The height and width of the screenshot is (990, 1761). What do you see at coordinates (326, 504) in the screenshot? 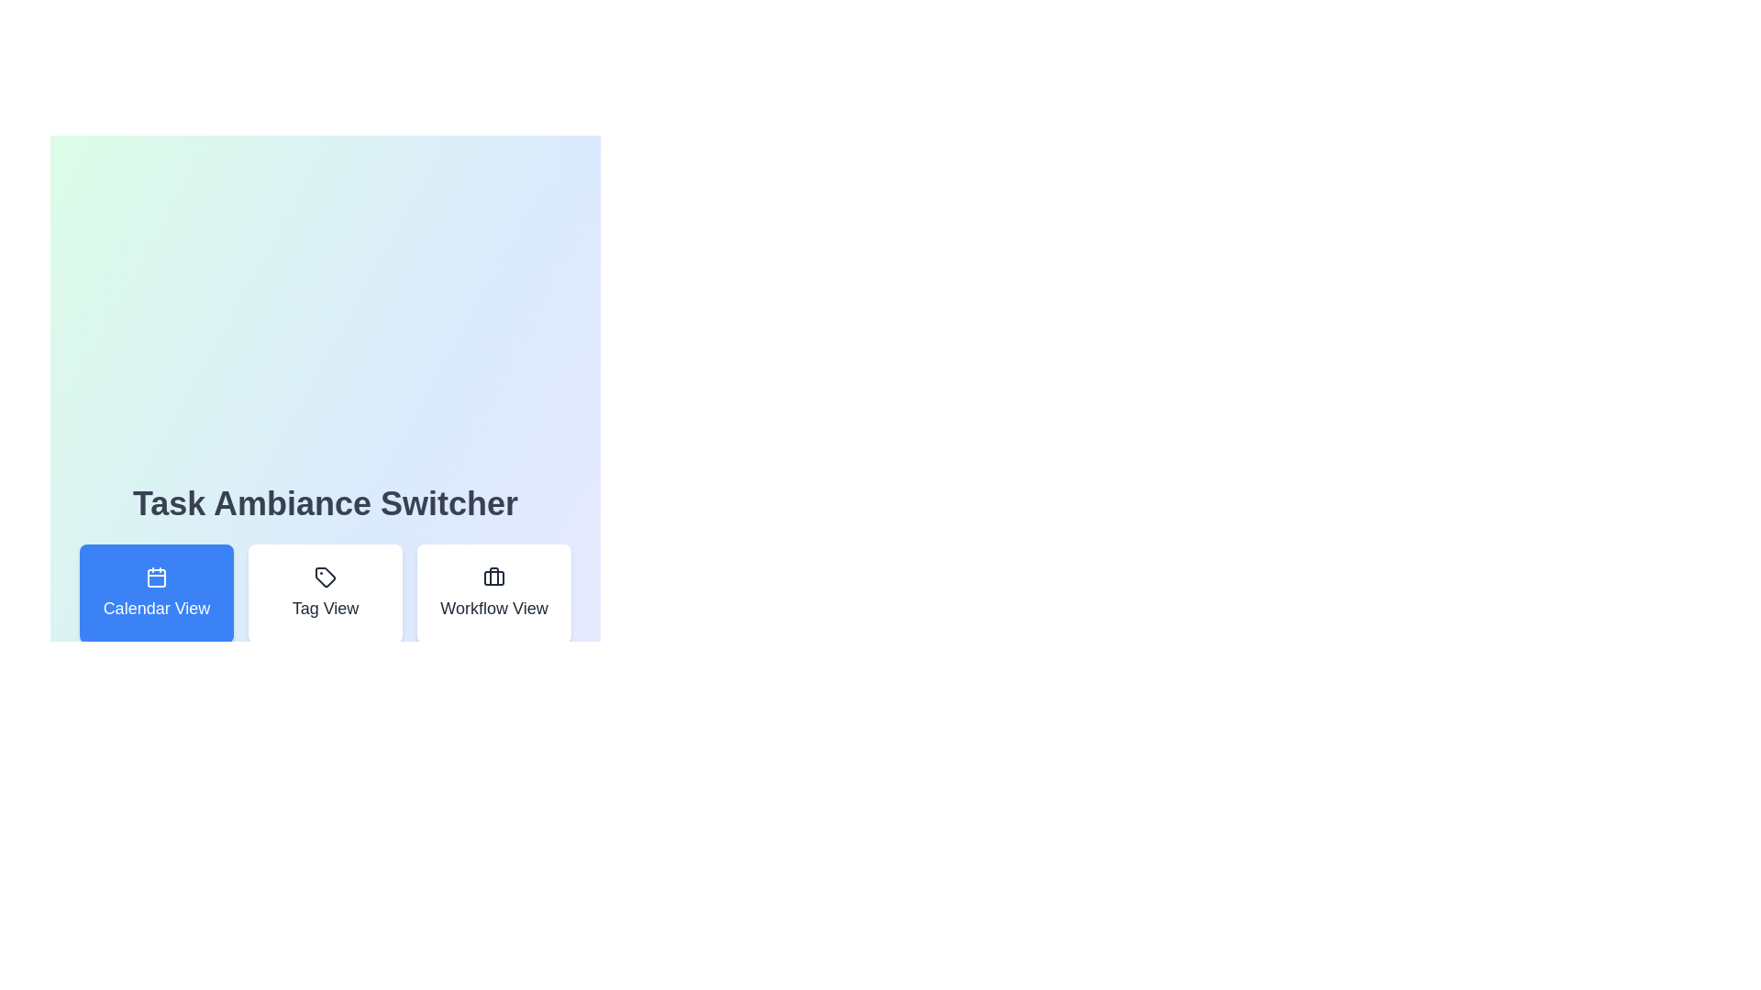
I see `the static text label styled as a heading, located at the top-center of the interface, directly above the interactive cards labeled 'Calendar View', 'Tag View', and 'Workflow View'` at bounding box center [326, 504].